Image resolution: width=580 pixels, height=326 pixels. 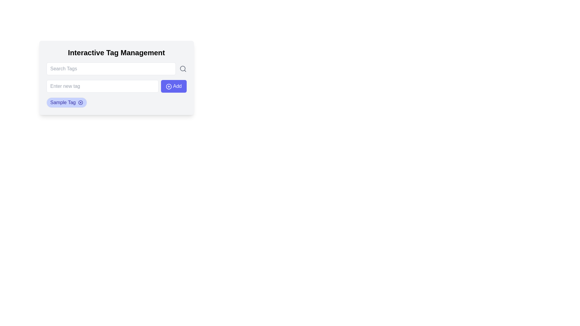 What do you see at coordinates (116, 52) in the screenshot?
I see `the heading text element that serves as a title for the section, positioned centrally at the top of the white card UI component` at bounding box center [116, 52].